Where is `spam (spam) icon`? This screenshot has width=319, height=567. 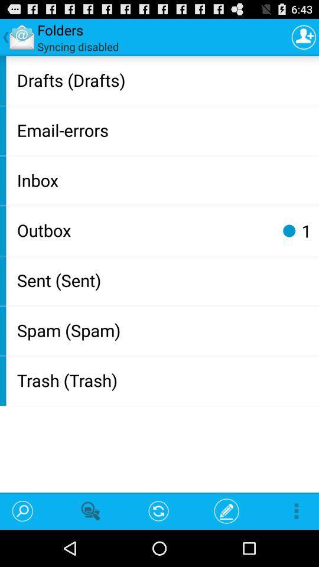
spam (spam) icon is located at coordinates (165, 330).